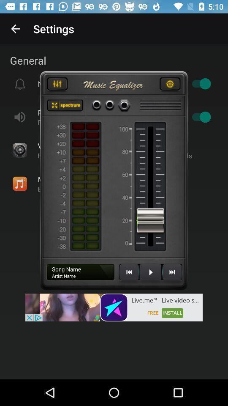 Image resolution: width=228 pixels, height=406 pixels. Describe the element at coordinates (171, 275) in the screenshot. I see `the skip_next icon` at that location.